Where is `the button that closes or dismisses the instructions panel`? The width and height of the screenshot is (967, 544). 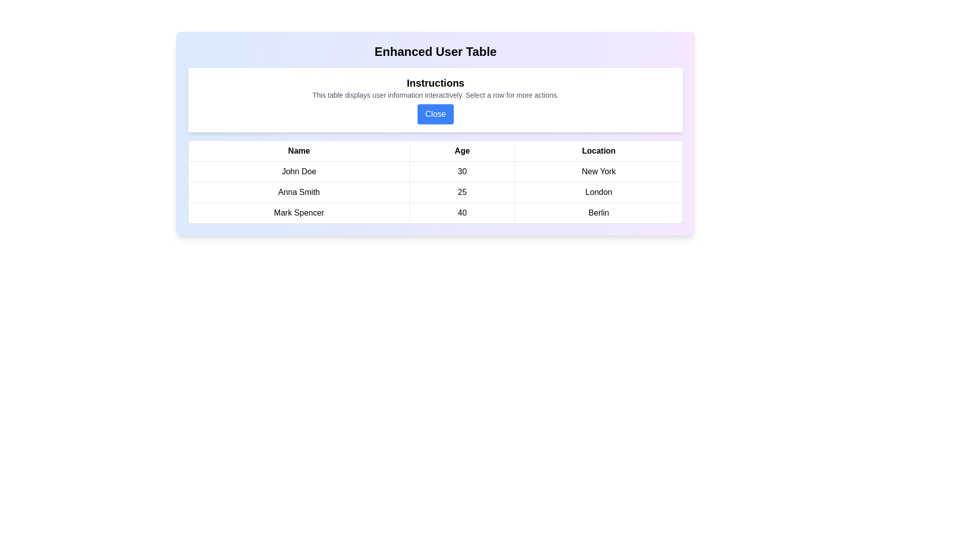 the button that closes or dismisses the instructions panel is located at coordinates (435, 114).